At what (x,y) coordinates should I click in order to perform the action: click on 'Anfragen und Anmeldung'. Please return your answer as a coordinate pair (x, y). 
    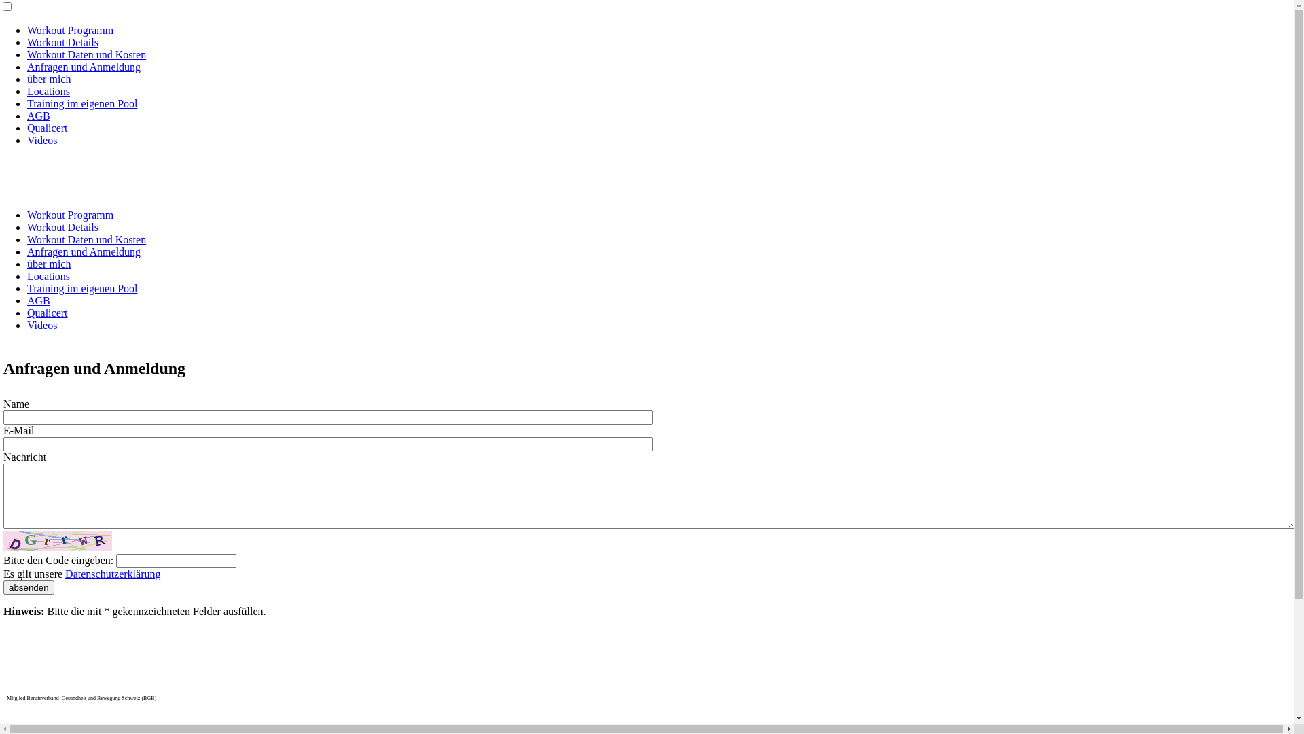
    Looking at the image, I should click on (26, 67).